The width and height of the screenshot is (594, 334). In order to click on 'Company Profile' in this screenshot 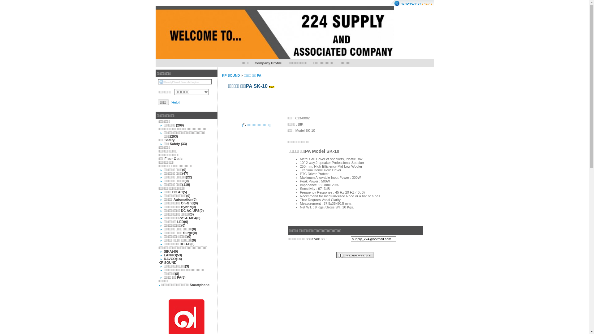, I will do `click(268, 63)`.